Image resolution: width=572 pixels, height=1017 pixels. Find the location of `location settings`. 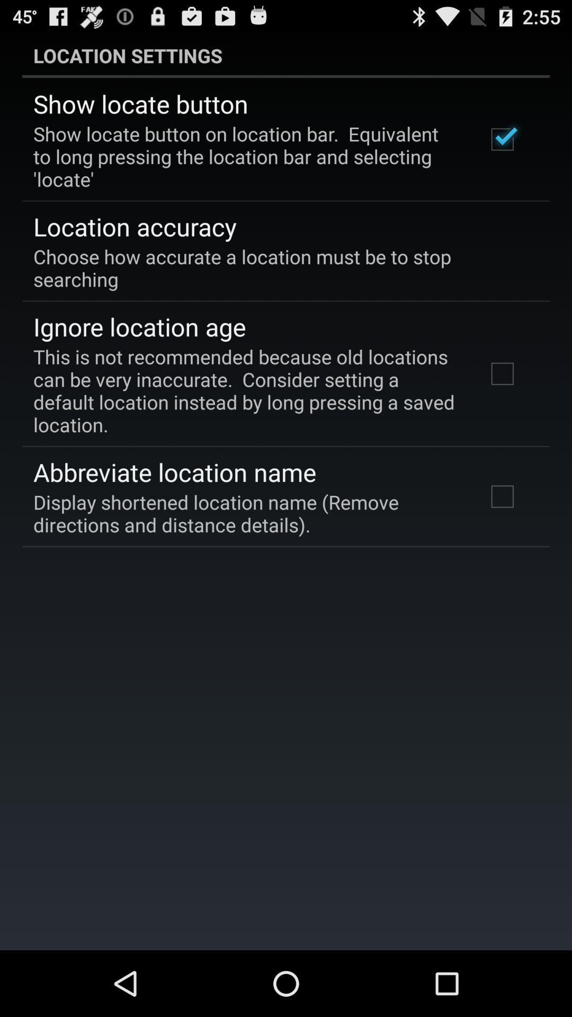

location settings is located at coordinates (286, 55).